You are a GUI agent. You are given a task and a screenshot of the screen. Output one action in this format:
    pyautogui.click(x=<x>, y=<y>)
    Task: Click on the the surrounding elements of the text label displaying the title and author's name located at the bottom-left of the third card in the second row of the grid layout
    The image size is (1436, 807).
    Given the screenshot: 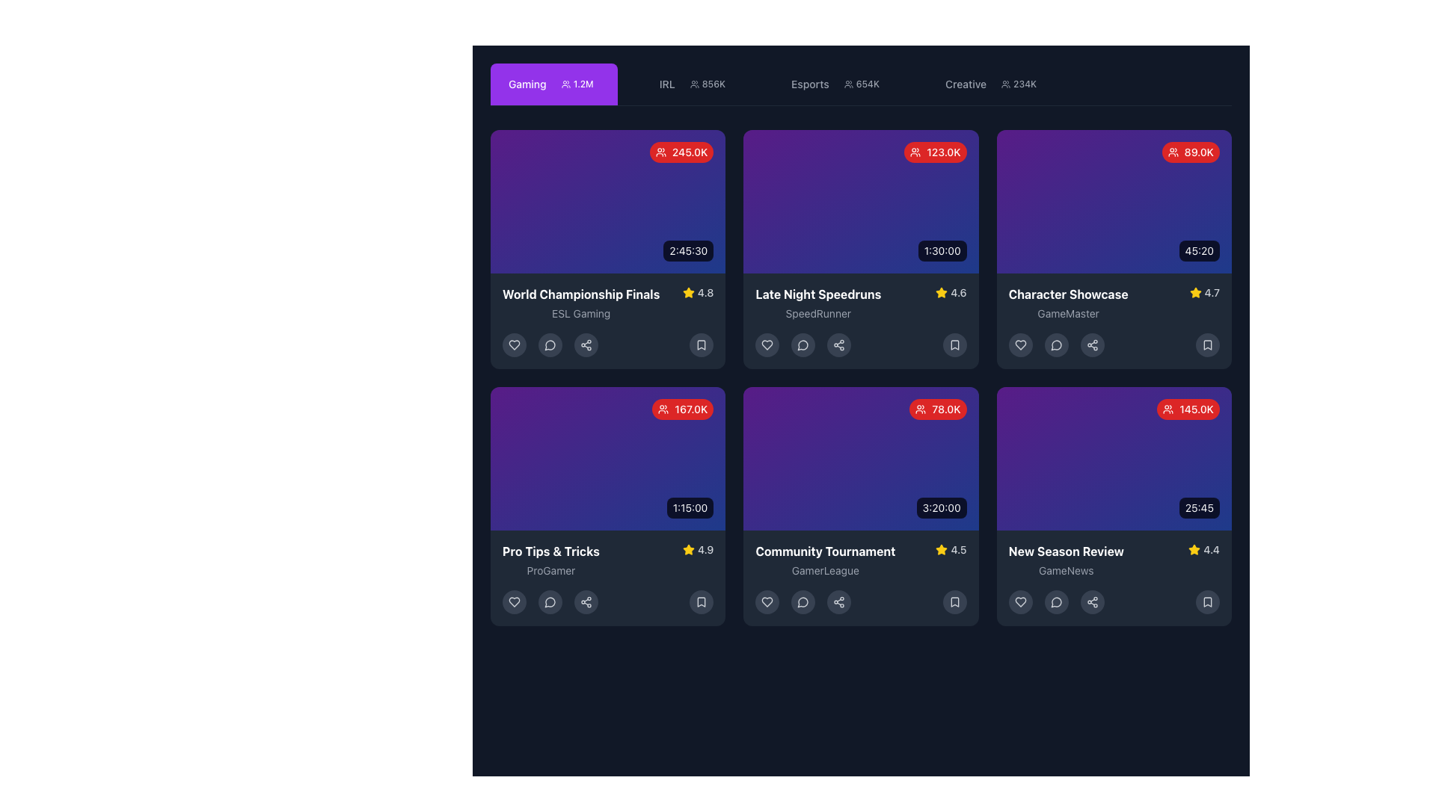 What is the action you would take?
    pyautogui.click(x=550, y=560)
    